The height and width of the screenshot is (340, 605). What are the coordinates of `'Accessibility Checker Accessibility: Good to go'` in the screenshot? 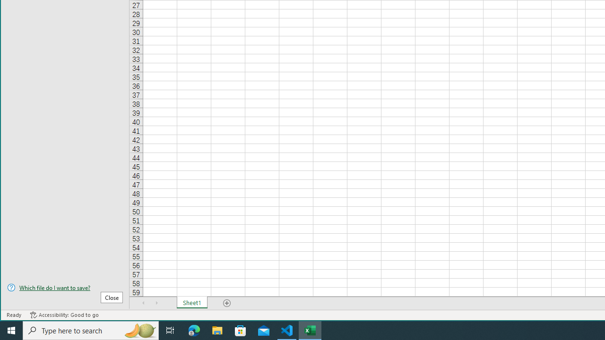 It's located at (64, 315).